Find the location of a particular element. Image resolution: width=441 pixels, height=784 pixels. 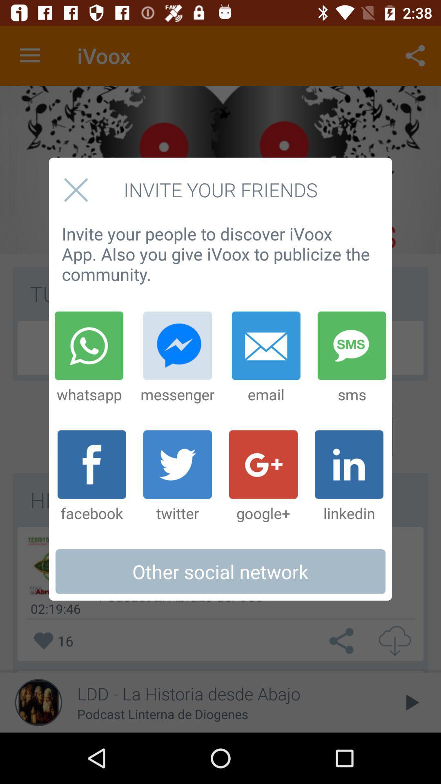

facebook item is located at coordinates (91, 477).